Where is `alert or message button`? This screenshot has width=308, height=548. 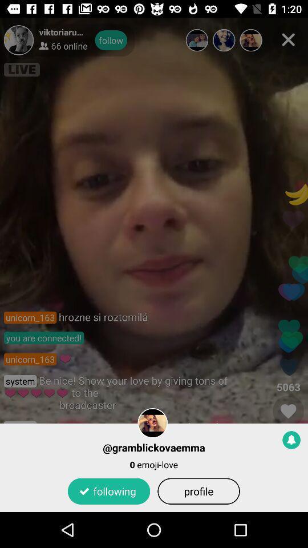
alert or message button is located at coordinates (291, 439).